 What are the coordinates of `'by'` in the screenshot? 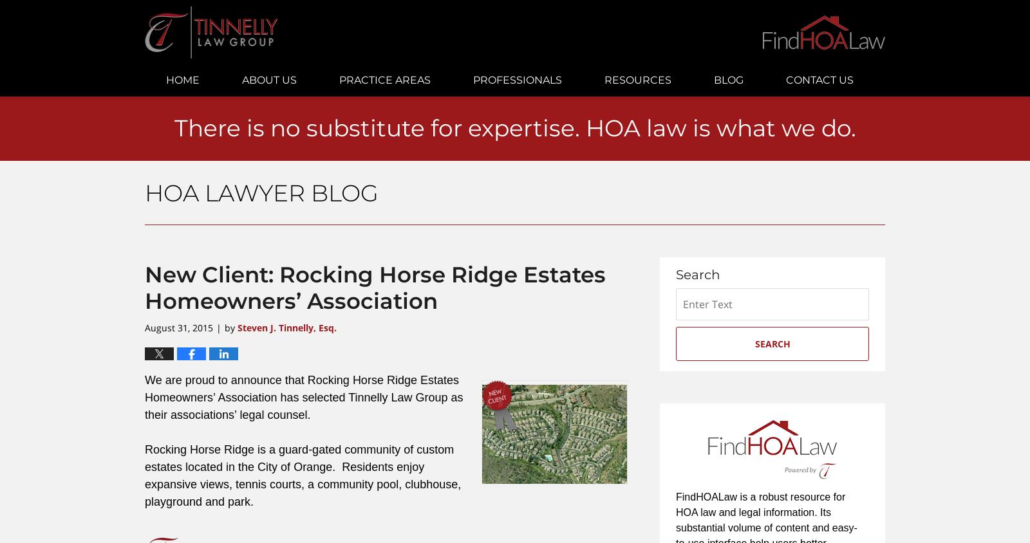 It's located at (224, 327).